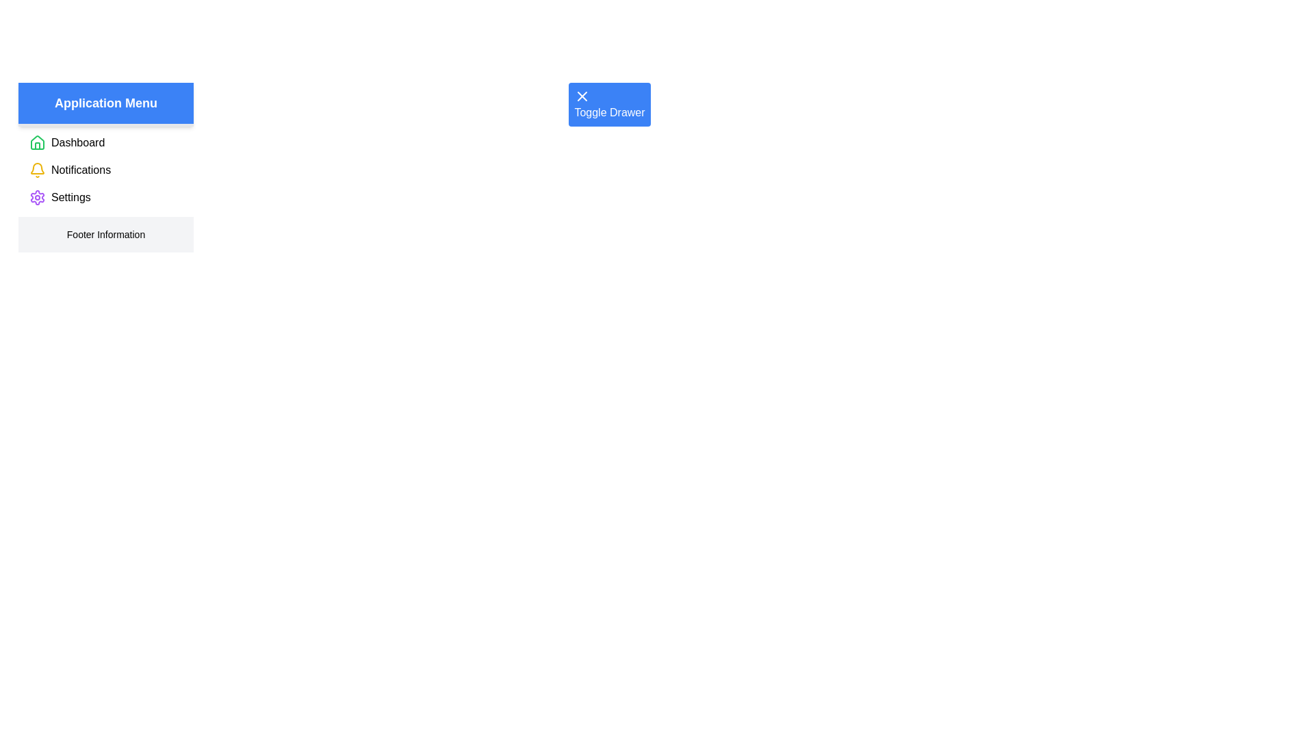 Image resolution: width=1314 pixels, height=739 pixels. Describe the element at coordinates (80, 170) in the screenshot. I see `the menu item Notifications and click it` at that location.